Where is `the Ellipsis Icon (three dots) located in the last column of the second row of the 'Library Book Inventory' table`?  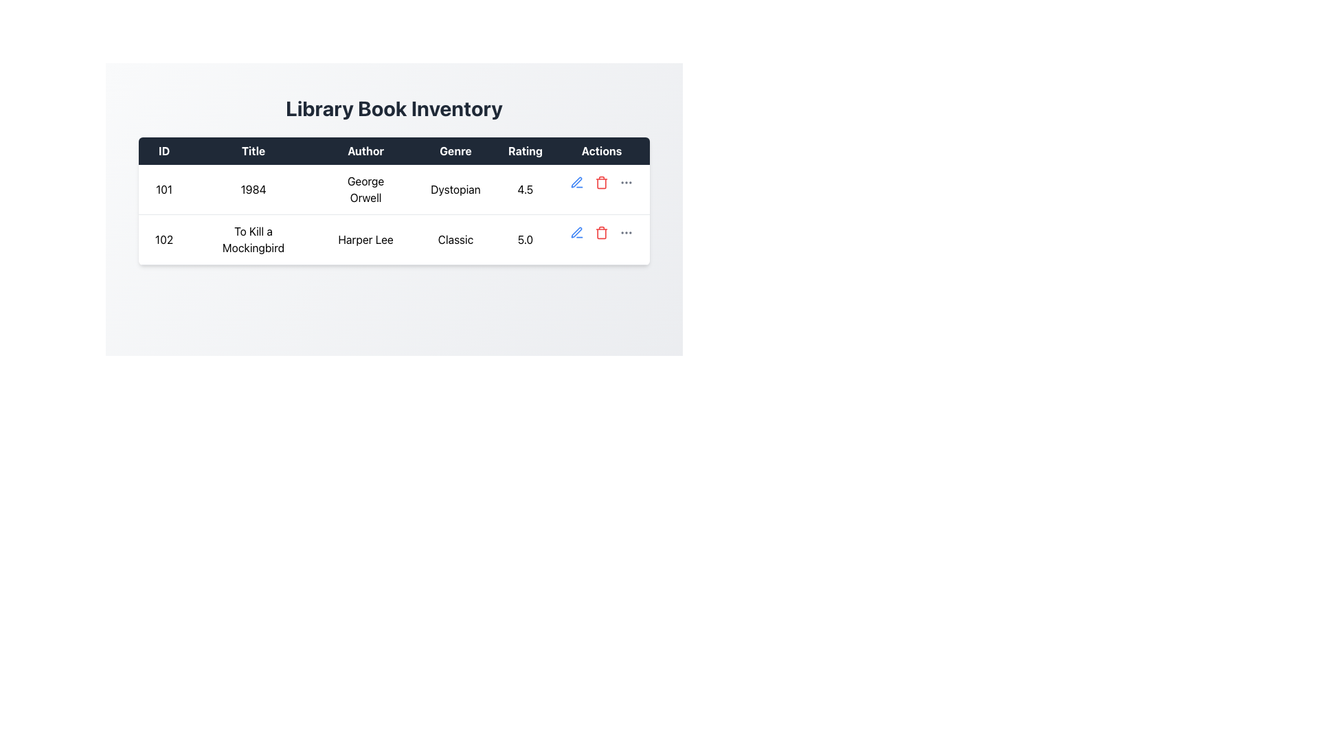 the Ellipsis Icon (three dots) located in the last column of the second row of the 'Library Book Inventory' table is located at coordinates (626, 181).